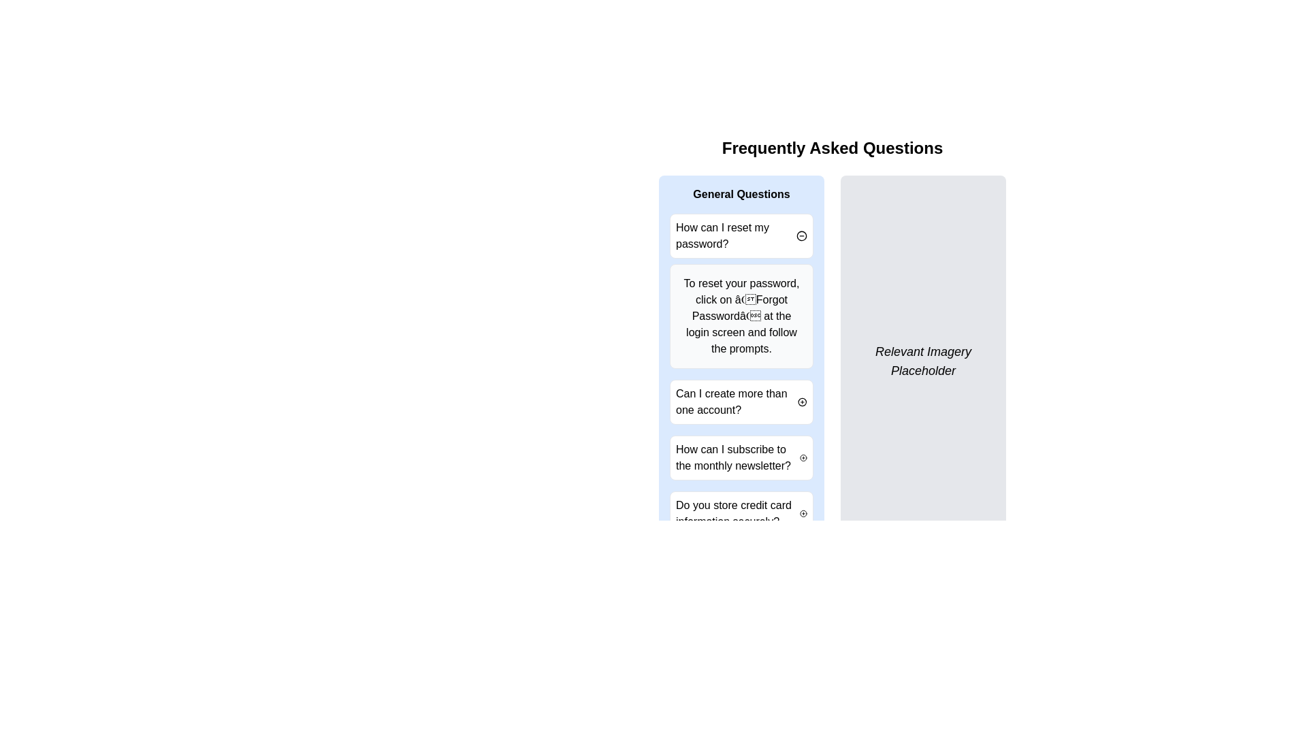  What do you see at coordinates (741, 291) in the screenshot?
I see `detailed description of the FAQ entry about resetting a password, located below the 'General Questions' header in the left-side column` at bounding box center [741, 291].